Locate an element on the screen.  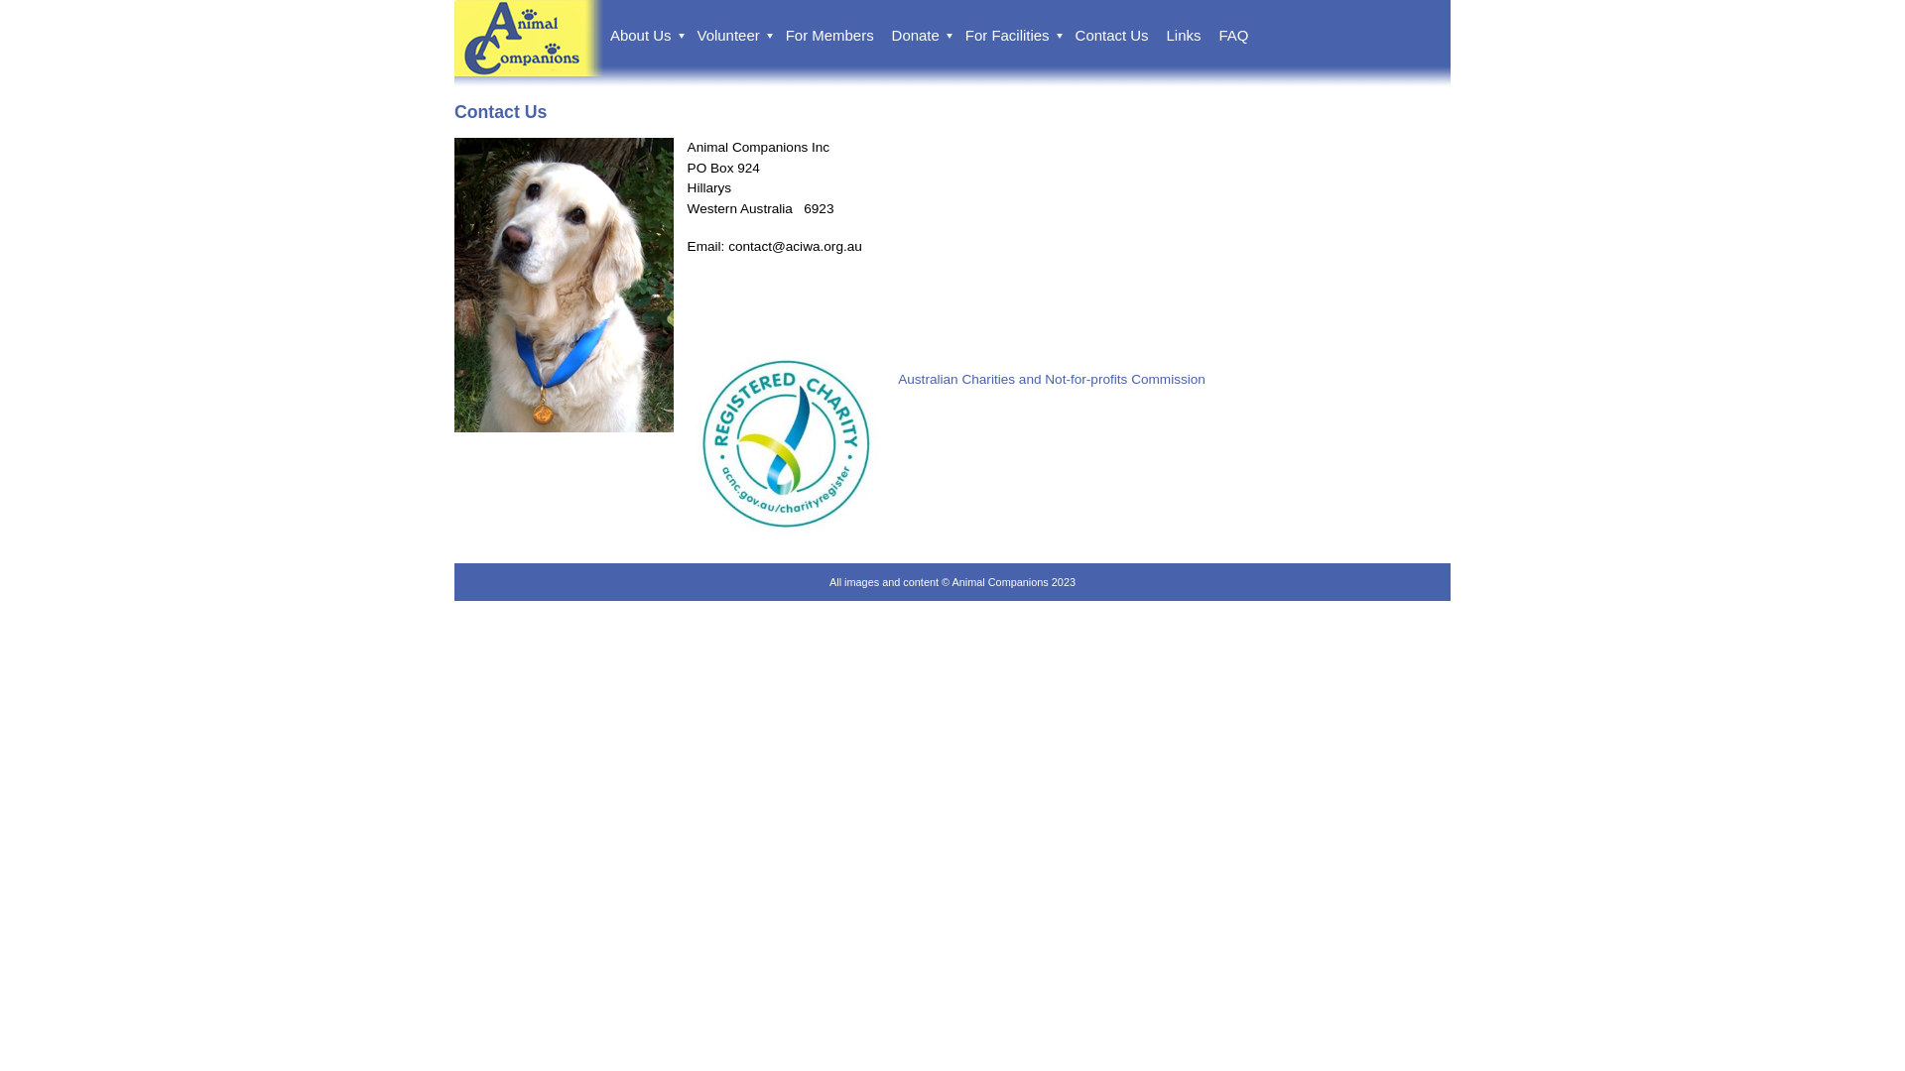
'Animal Companions' is located at coordinates (528, 70).